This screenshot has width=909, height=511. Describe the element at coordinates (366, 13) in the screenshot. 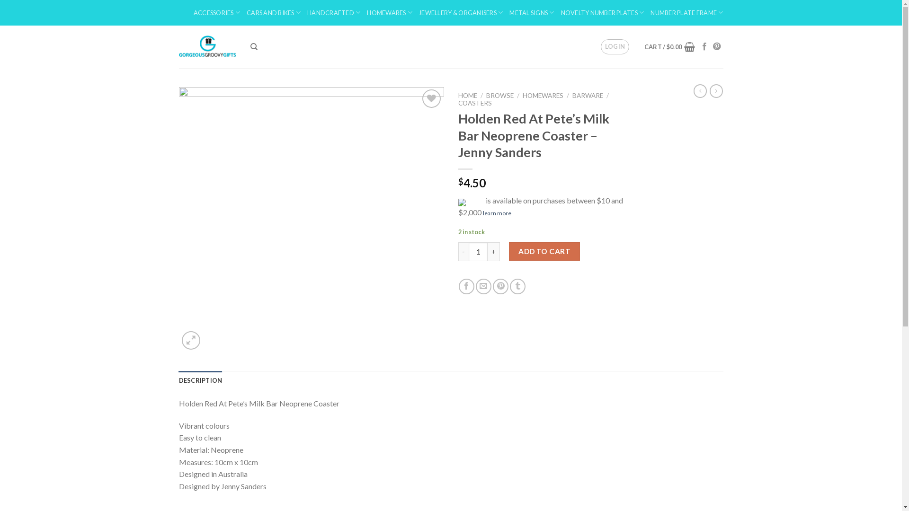

I see `'HOMEWARES'` at that location.